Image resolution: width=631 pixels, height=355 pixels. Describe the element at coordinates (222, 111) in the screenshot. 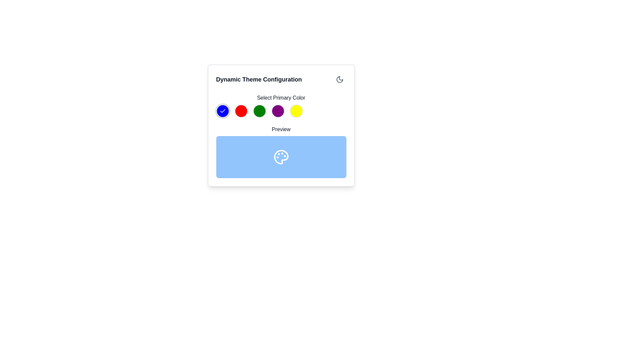

I see `the blue color selection button, which is the first in a row of circular buttons located to the left of red, green, purple, and yellow buttons` at that location.